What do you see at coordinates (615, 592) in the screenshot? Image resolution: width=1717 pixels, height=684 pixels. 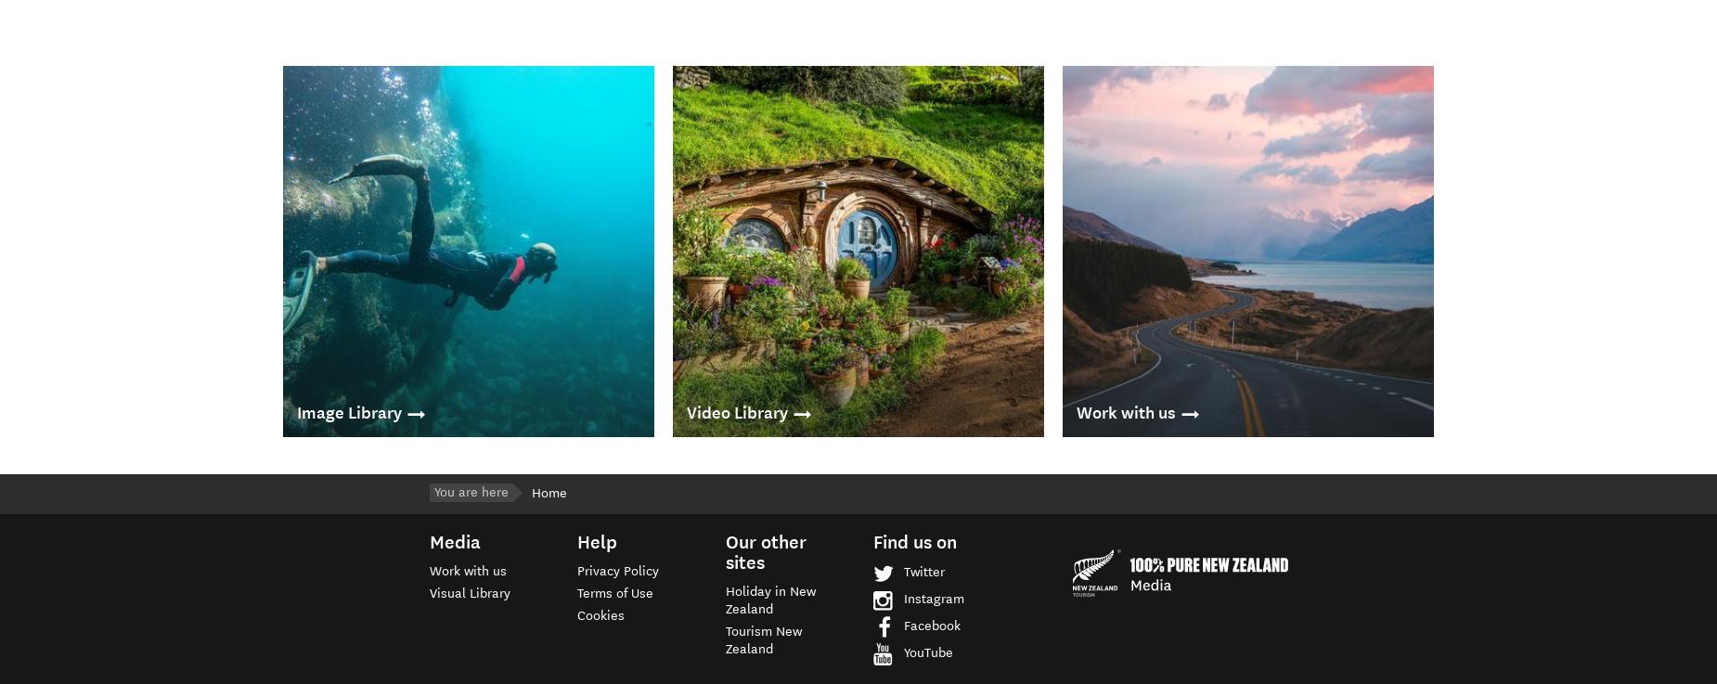 I see `'Terms of Use'` at bounding box center [615, 592].